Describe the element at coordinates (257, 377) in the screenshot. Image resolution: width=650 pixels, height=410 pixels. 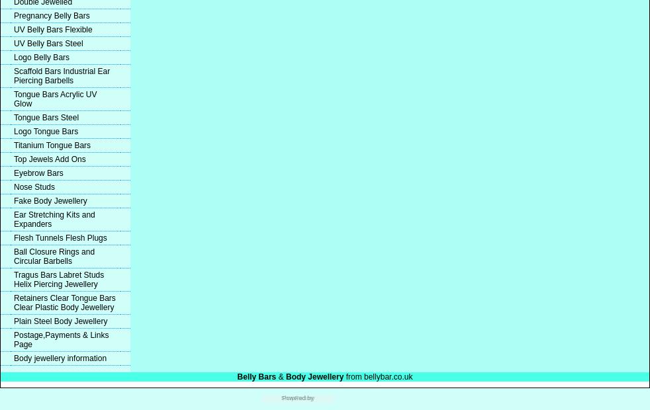
I see `'Belly Bars'` at that location.